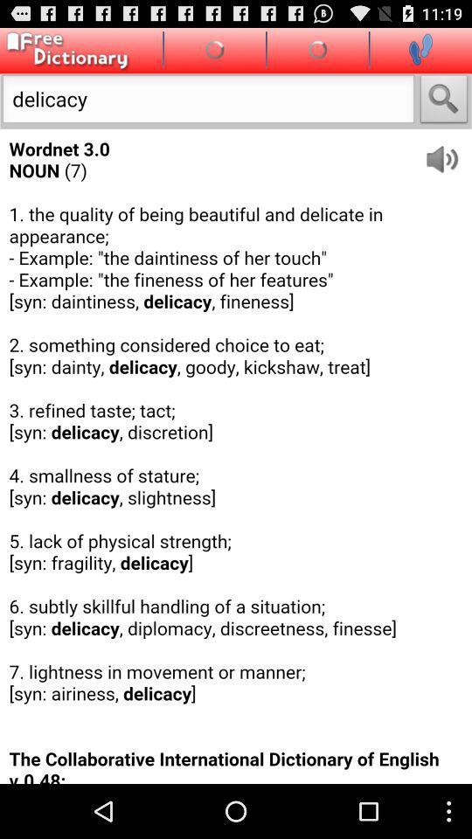  Describe the element at coordinates (64, 50) in the screenshot. I see `main page` at that location.